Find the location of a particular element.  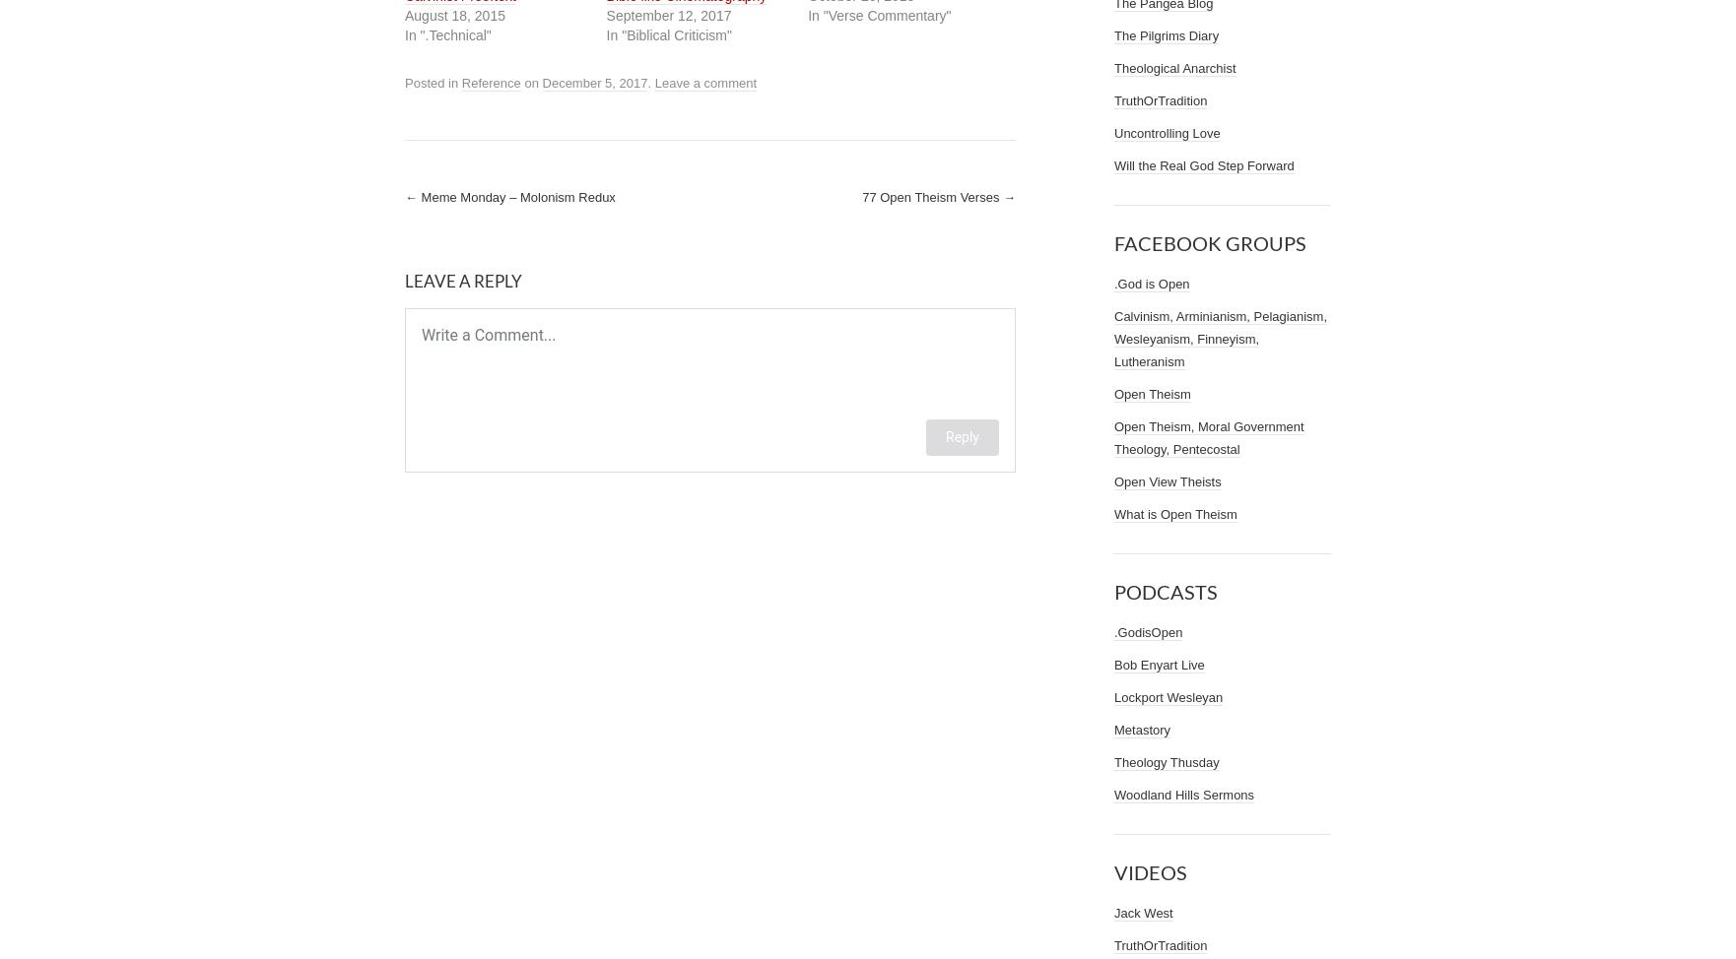

'Facebook Groups' is located at coordinates (1210, 242).